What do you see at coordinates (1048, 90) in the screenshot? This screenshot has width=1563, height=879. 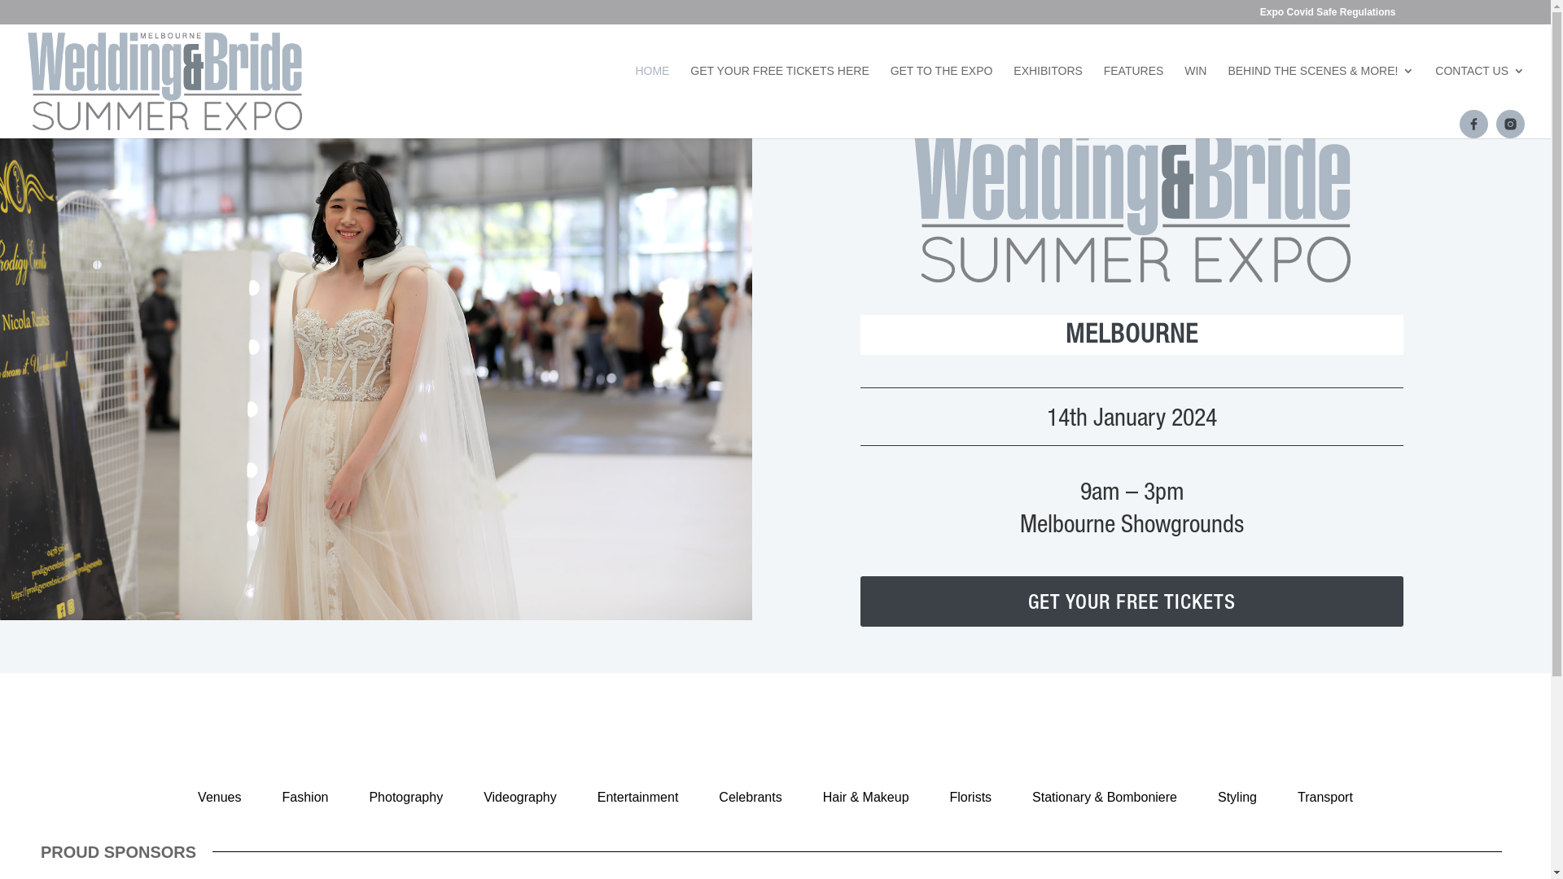 I see `'EXHIBITORS'` at bounding box center [1048, 90].